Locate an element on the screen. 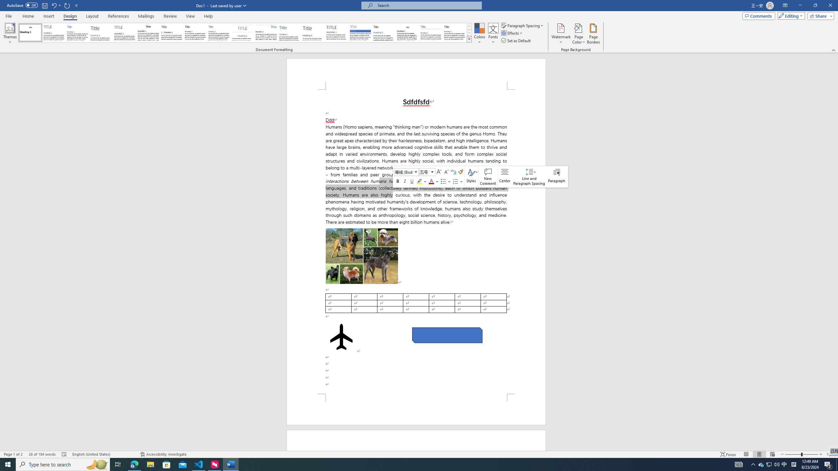 The height and width of the screenshot is (471, 838). 'Word 2013' is located at coordinates (455, 32).